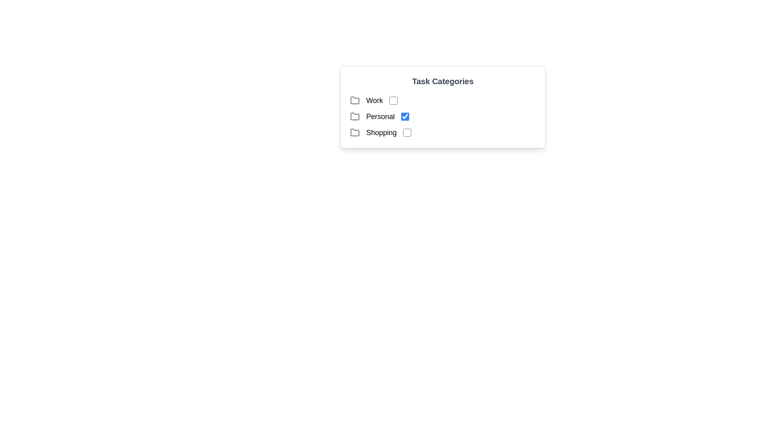 Image resolution: width=771 pixels, height=433 pixels. I want to click on the checkbox styled with a blue accent next to the text 'Shopping', so click(407, 132).